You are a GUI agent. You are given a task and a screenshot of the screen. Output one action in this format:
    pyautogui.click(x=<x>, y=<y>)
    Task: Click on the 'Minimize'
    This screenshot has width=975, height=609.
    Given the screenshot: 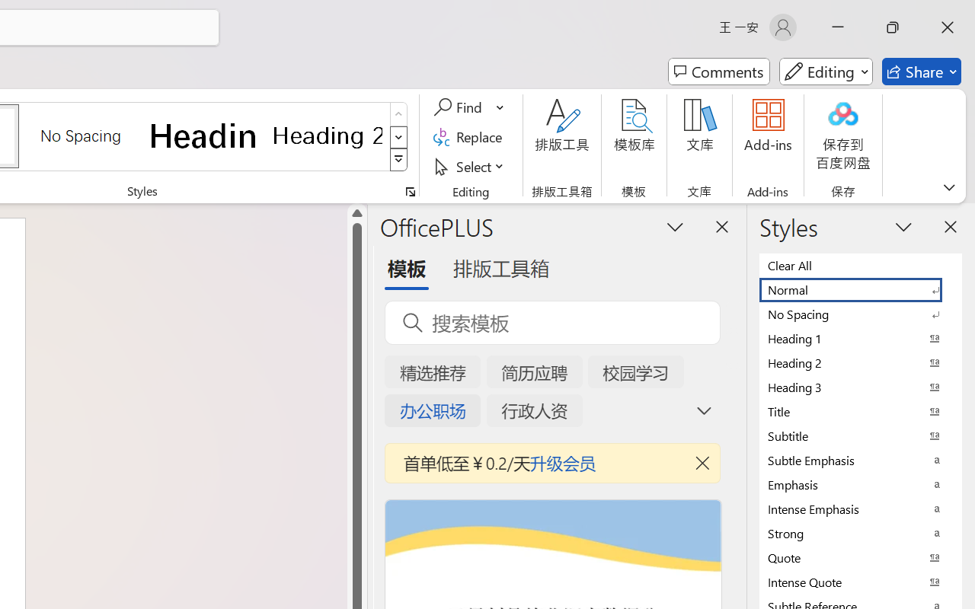 What is the action you would take?
    pyautogui.click(x=837, y=27)
    